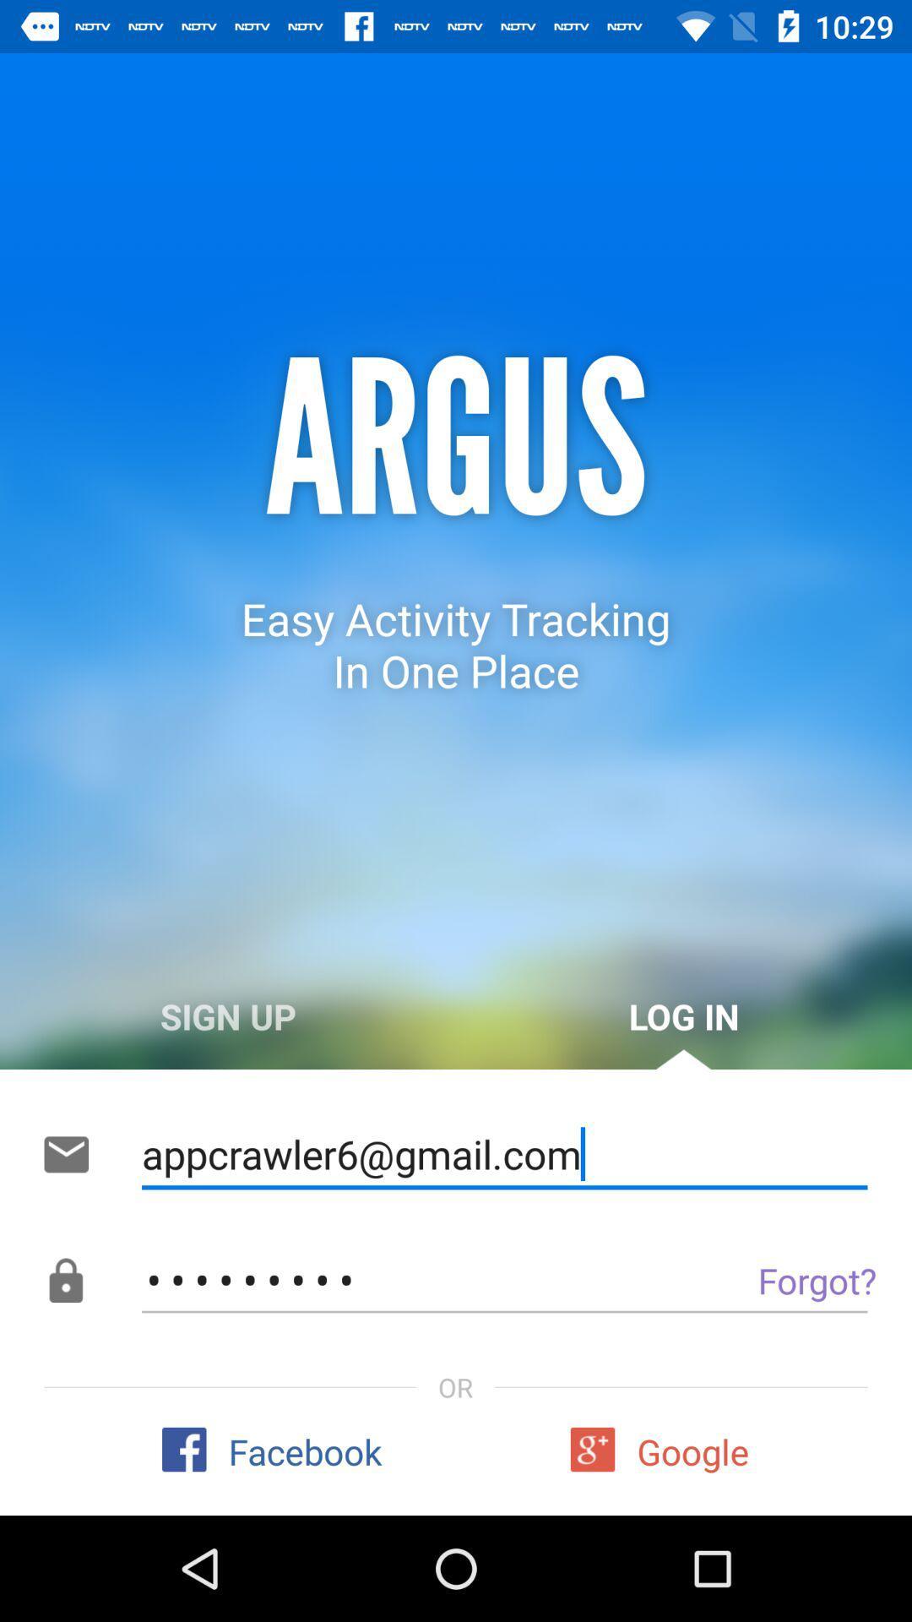 This screenshot has height=1622, width=912. I want to click on appcrawler6@gmail.com icon, so click(503, 1154).